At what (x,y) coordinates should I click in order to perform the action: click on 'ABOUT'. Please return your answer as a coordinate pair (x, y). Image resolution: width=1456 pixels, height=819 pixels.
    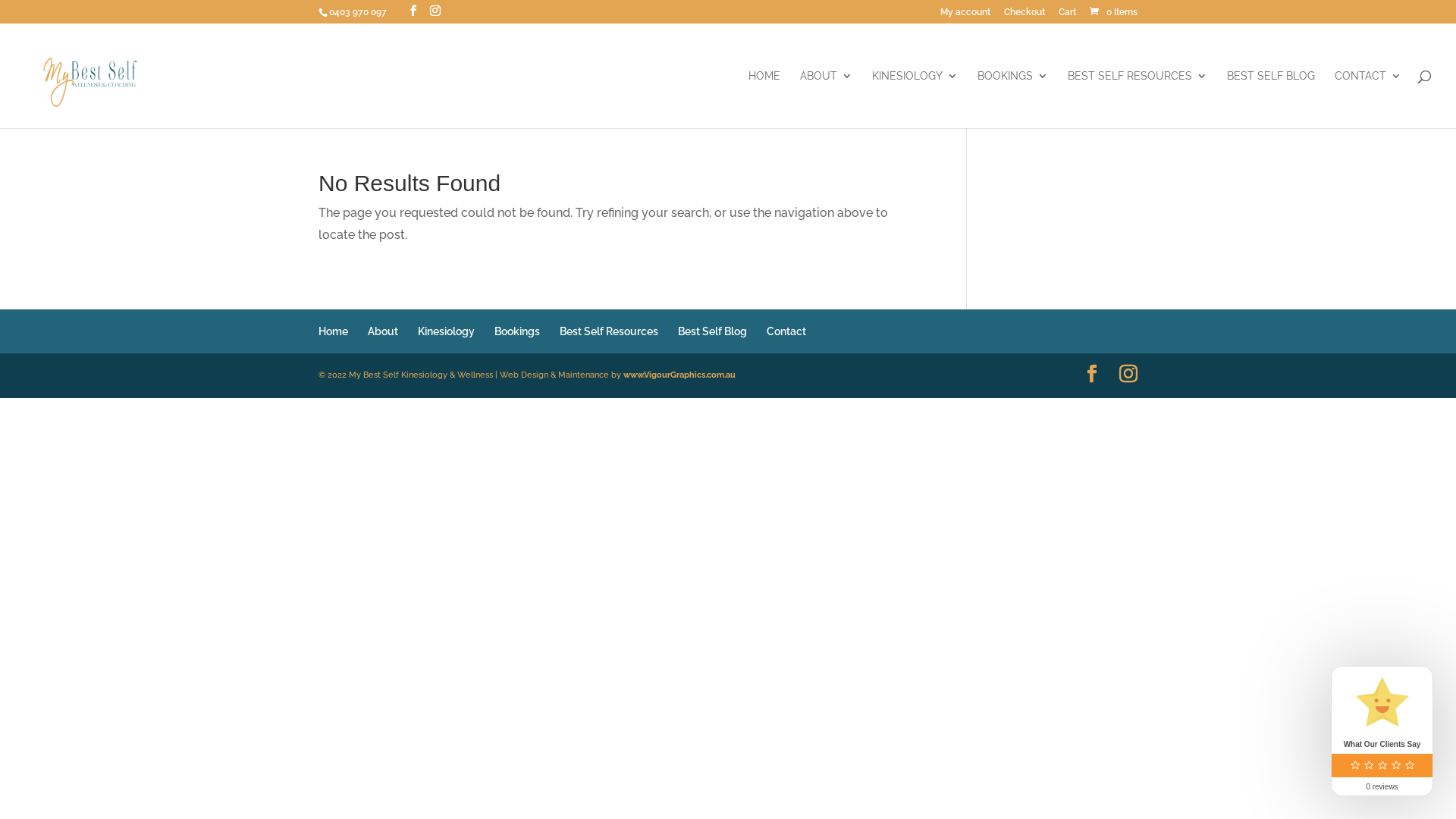
    Looking at the image, I should click on (825, 99).